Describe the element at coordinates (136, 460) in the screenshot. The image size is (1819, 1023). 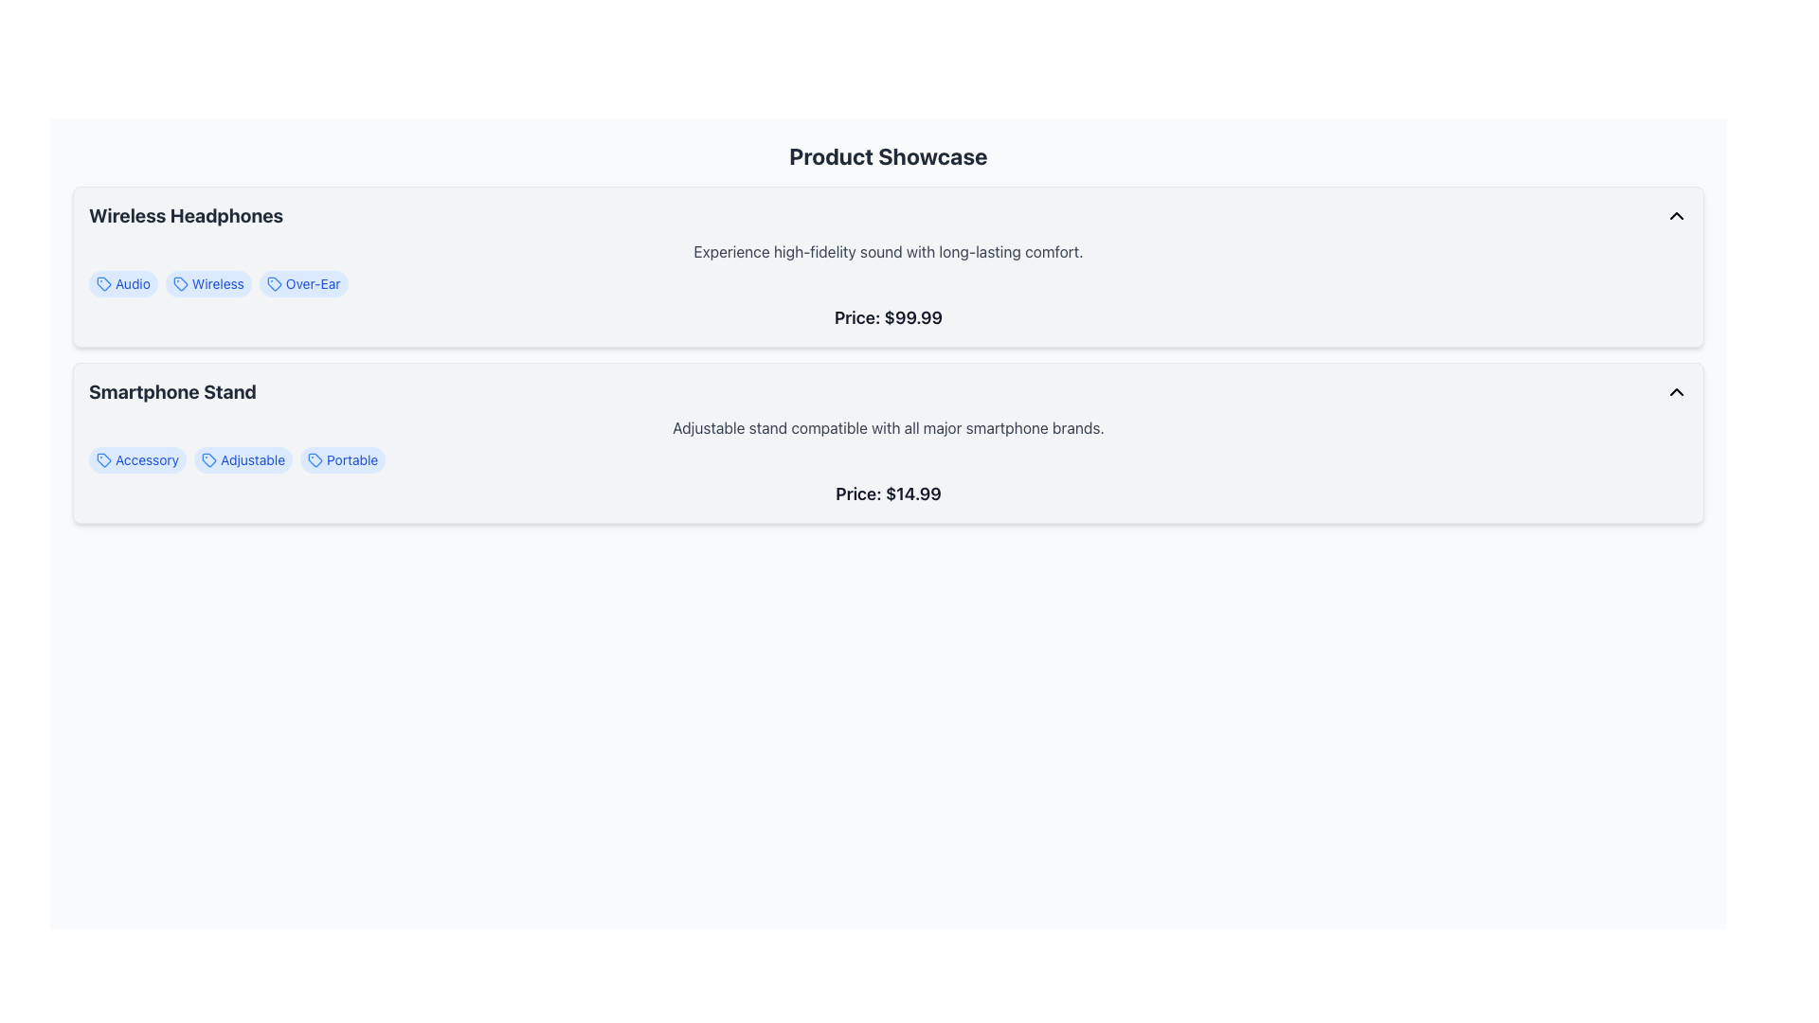
I see `the rounded rectangle tag labeled 'Accessory' with a blue background` at that location.